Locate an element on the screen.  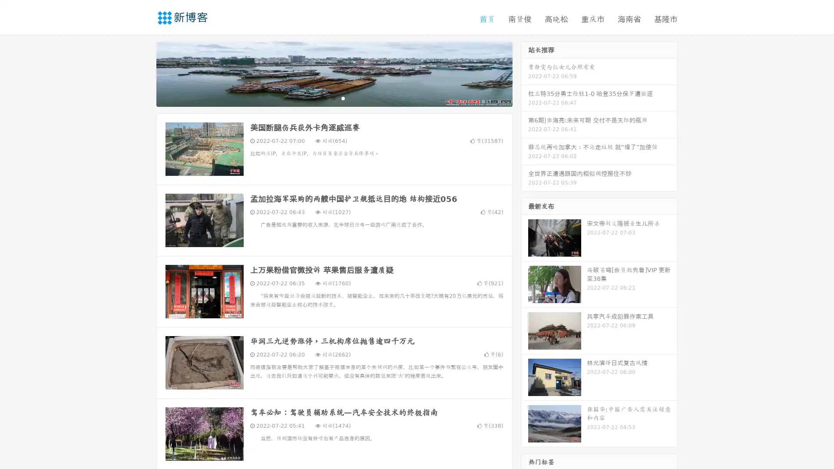
Next slide is located at coordinates (525, 73).